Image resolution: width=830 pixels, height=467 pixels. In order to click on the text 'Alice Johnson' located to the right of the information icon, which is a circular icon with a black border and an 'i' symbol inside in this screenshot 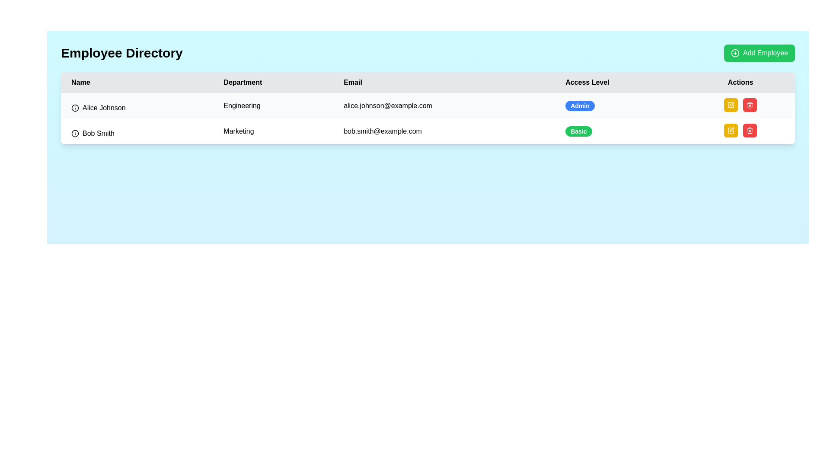, I will do `click(75, 108)`.